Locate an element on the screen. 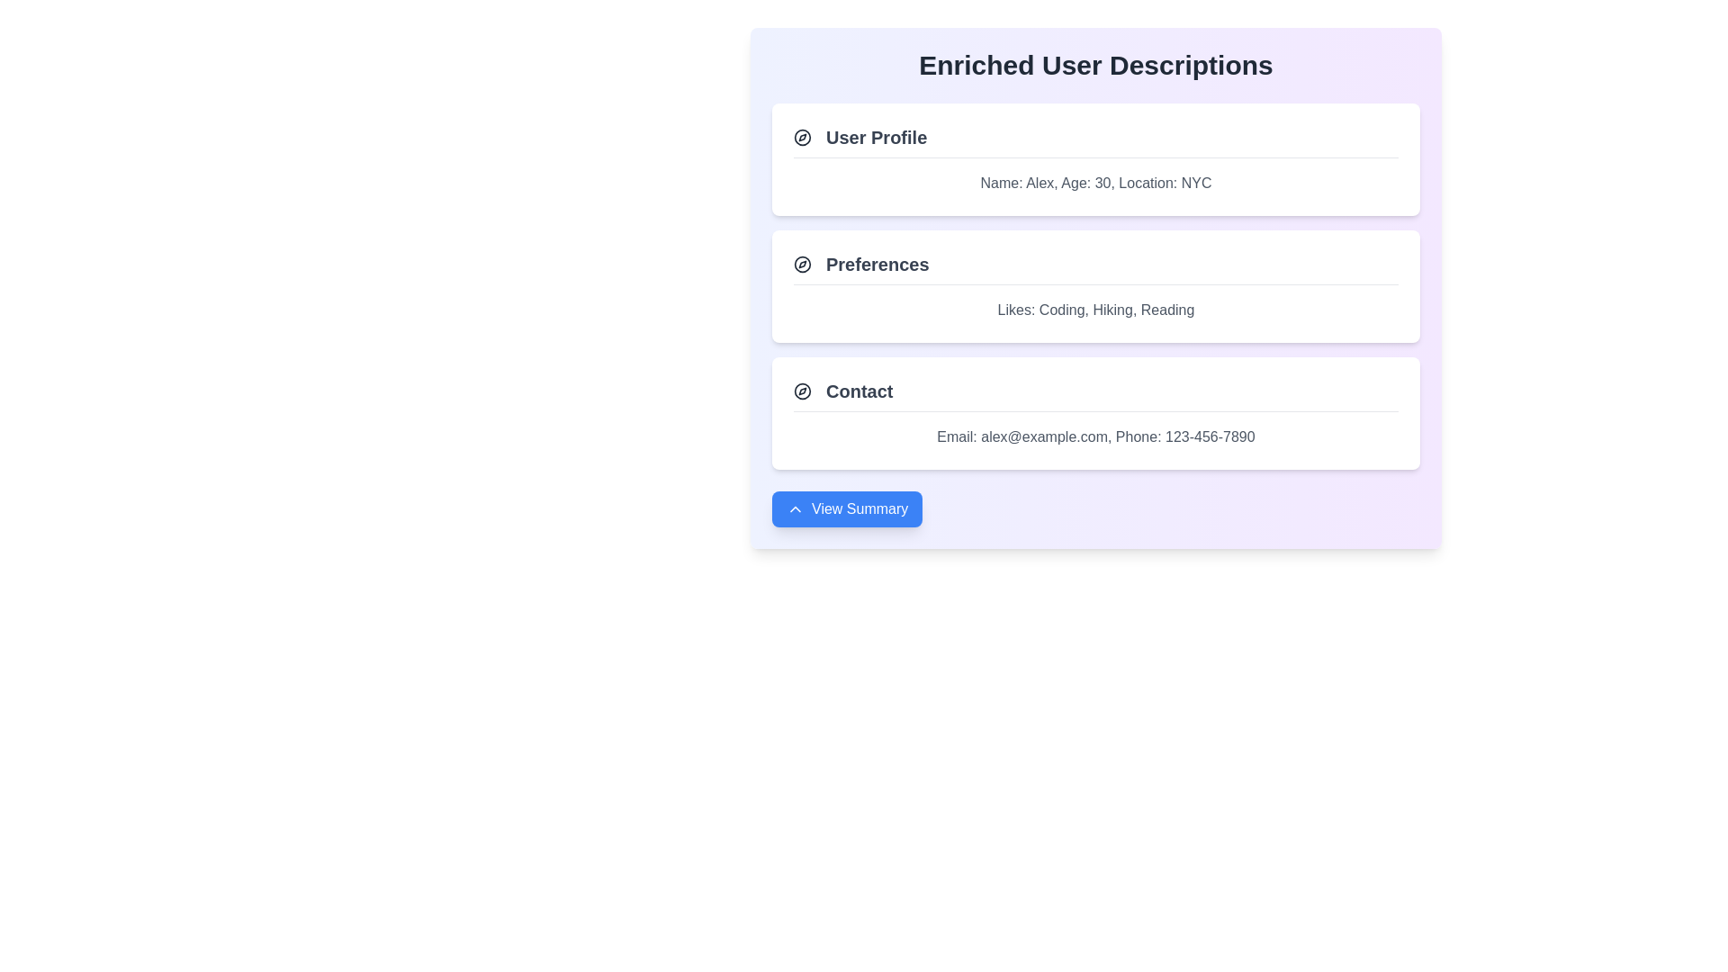 The height and width of the screenshot is (972, 1728). the 'User Profile' icon located at the leftmost side of the 'User Profile' section header is located at coordinates (802, 137).